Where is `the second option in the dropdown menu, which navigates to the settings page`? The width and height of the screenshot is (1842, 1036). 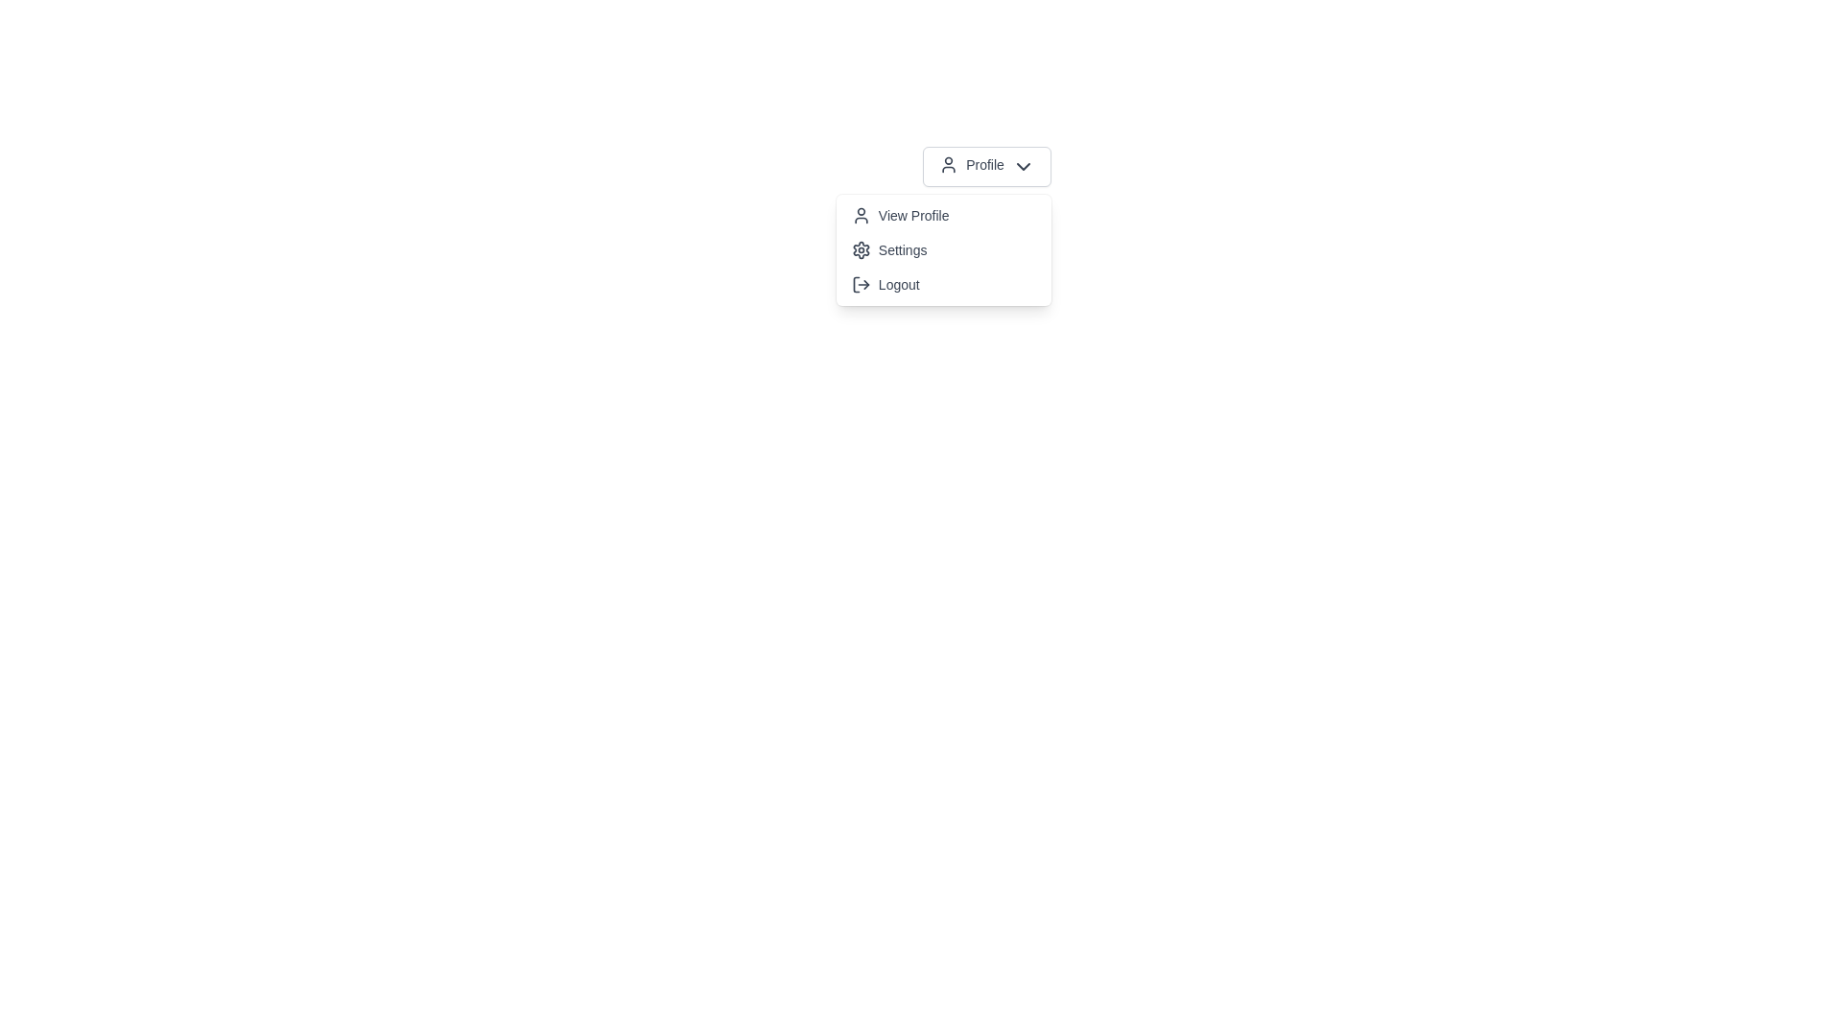
the second option in the dropdown menu, which navigates to the settings page is located at coordinates (943, 249).